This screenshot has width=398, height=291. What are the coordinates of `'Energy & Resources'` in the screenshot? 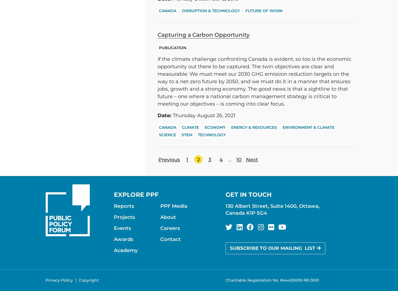 It's located at (231, 127).